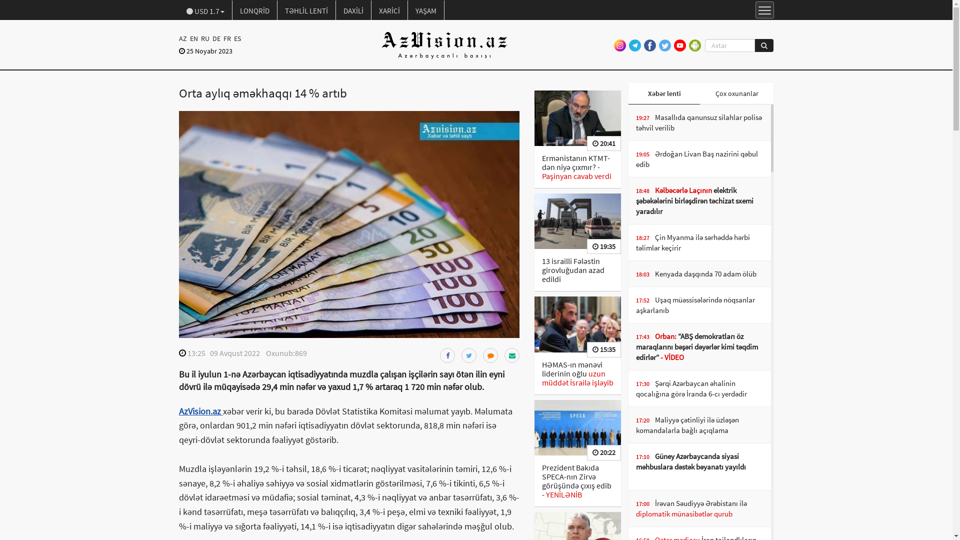 This screenshot has height=540, width=960. What do you see at coordinates (193, 38) in the screenshot?
I see `'EN'` at bounding box center [193, 38].